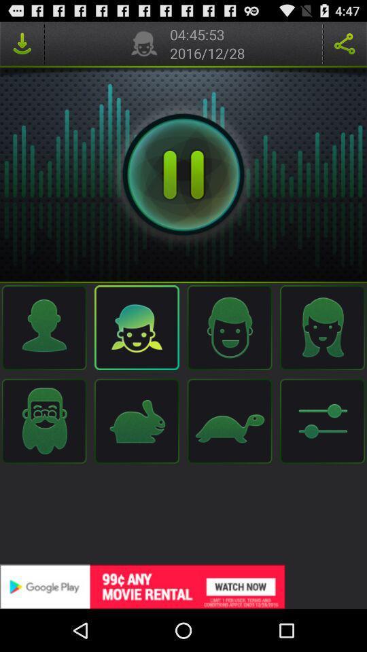  What do you see at coordinates (183, 586) in the screenshot?
I see `redirects you to offer` at bounding box center [183, 586].